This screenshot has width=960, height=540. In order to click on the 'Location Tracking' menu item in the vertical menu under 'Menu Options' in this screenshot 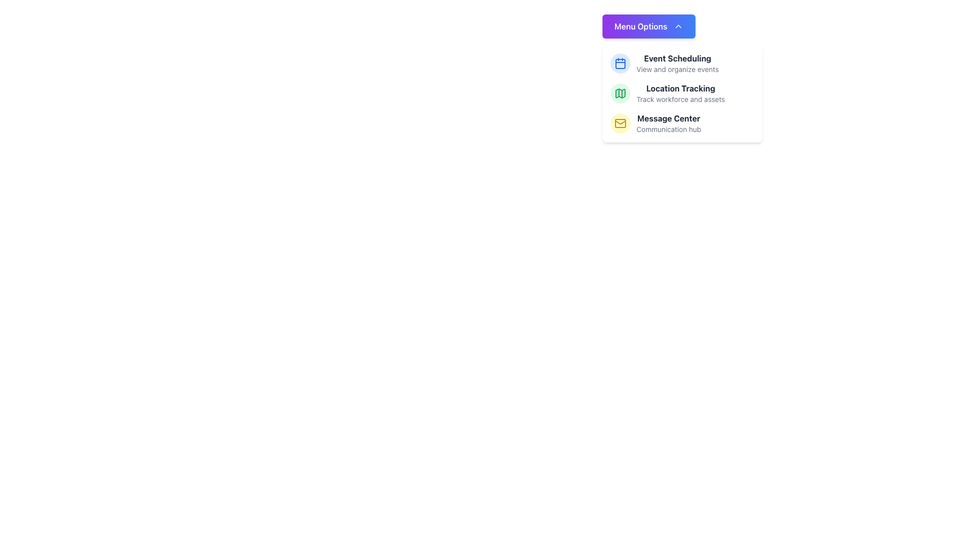, I will do `click(680, 93)`.